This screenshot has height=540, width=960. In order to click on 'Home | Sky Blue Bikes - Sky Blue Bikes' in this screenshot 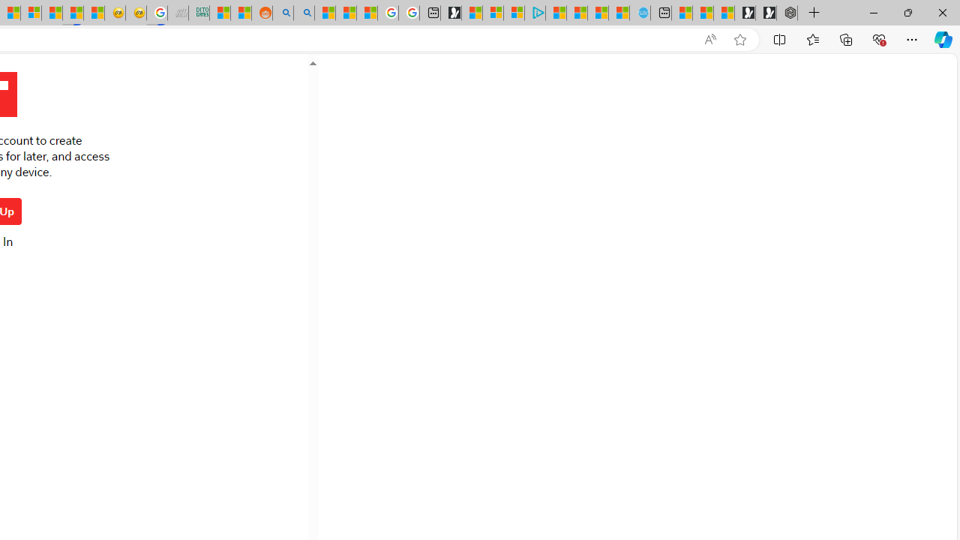, I will do `click(640, 13)`.